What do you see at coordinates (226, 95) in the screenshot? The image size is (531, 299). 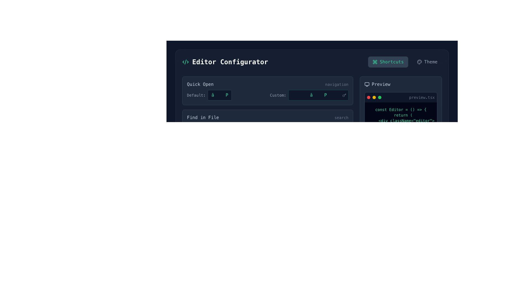 I see `the stylized text component in the 'Quick Open' section that indicates a specific command or key combination` at bounding box center [226, 95].